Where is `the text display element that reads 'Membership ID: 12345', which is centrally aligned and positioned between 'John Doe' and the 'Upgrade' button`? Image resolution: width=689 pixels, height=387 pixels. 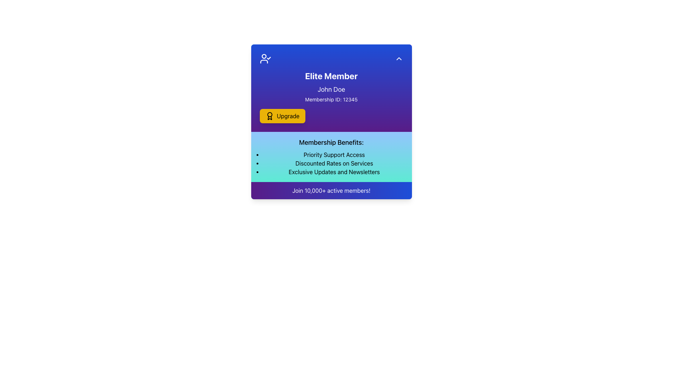 the text display element that reads 'Membership ID: 12345', which is centrally aligned and positioned between 'John Doe' and the 'Upgrade' button is located at coordinates (331, 99).